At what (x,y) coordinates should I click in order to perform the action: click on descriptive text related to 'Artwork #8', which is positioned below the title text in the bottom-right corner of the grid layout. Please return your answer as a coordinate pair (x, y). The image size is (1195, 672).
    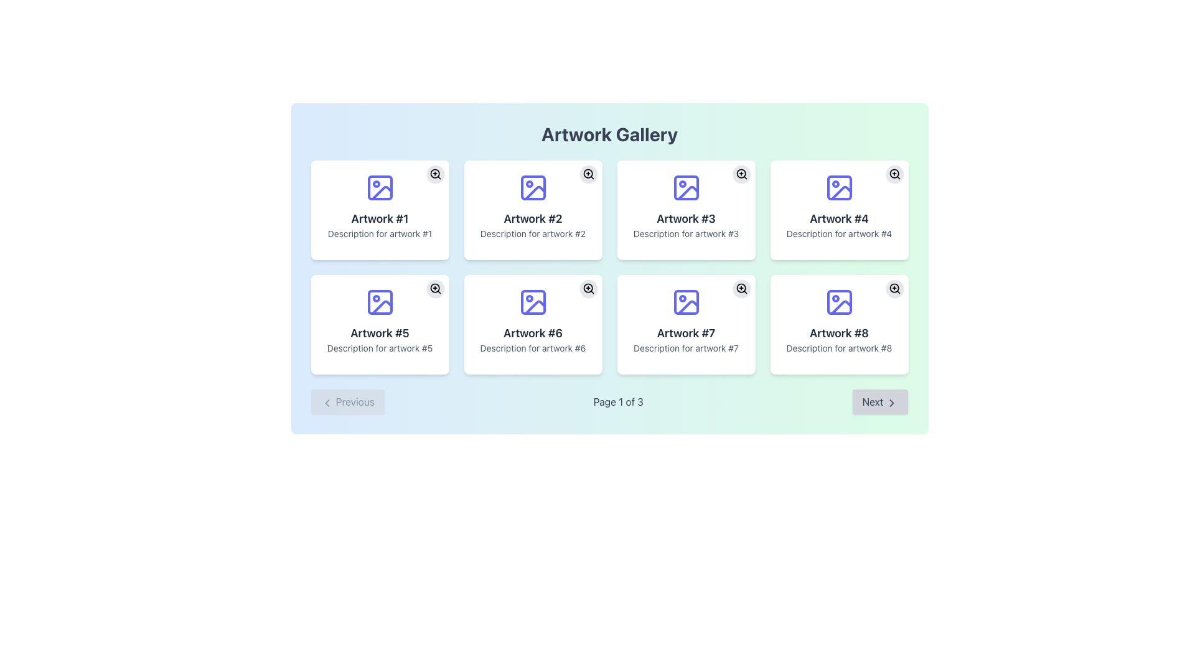
    Looking at the image, I should click on (839, 348).